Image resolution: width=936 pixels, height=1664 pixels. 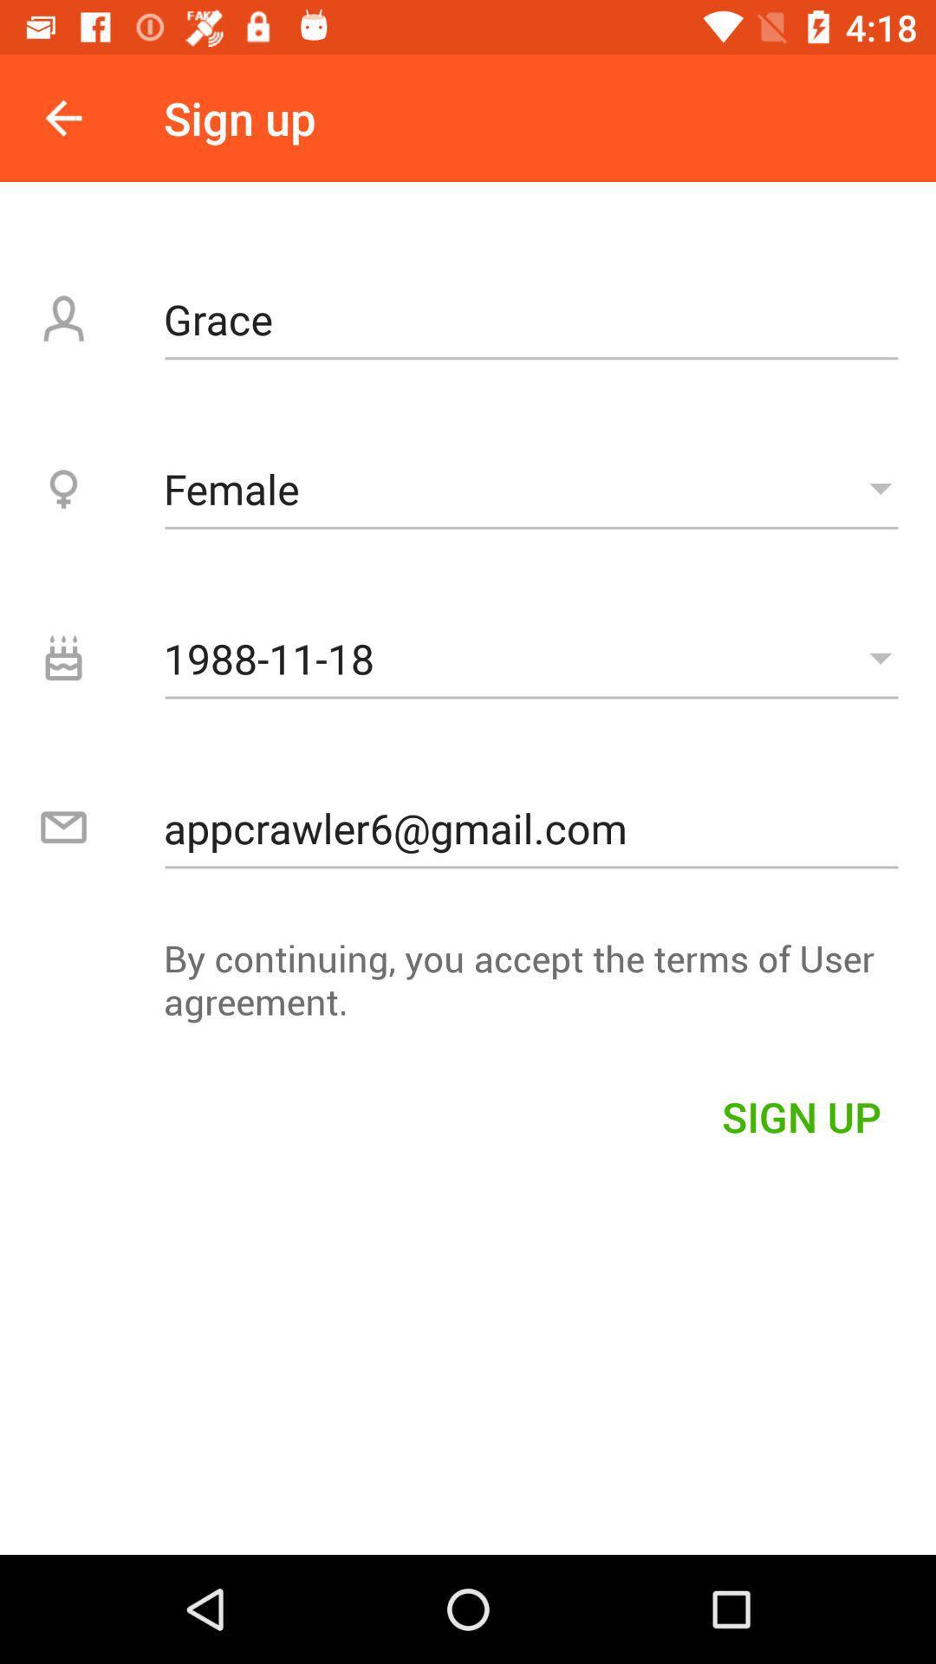 I want to click on the by continuing you icon, so click(x=468, y=988).